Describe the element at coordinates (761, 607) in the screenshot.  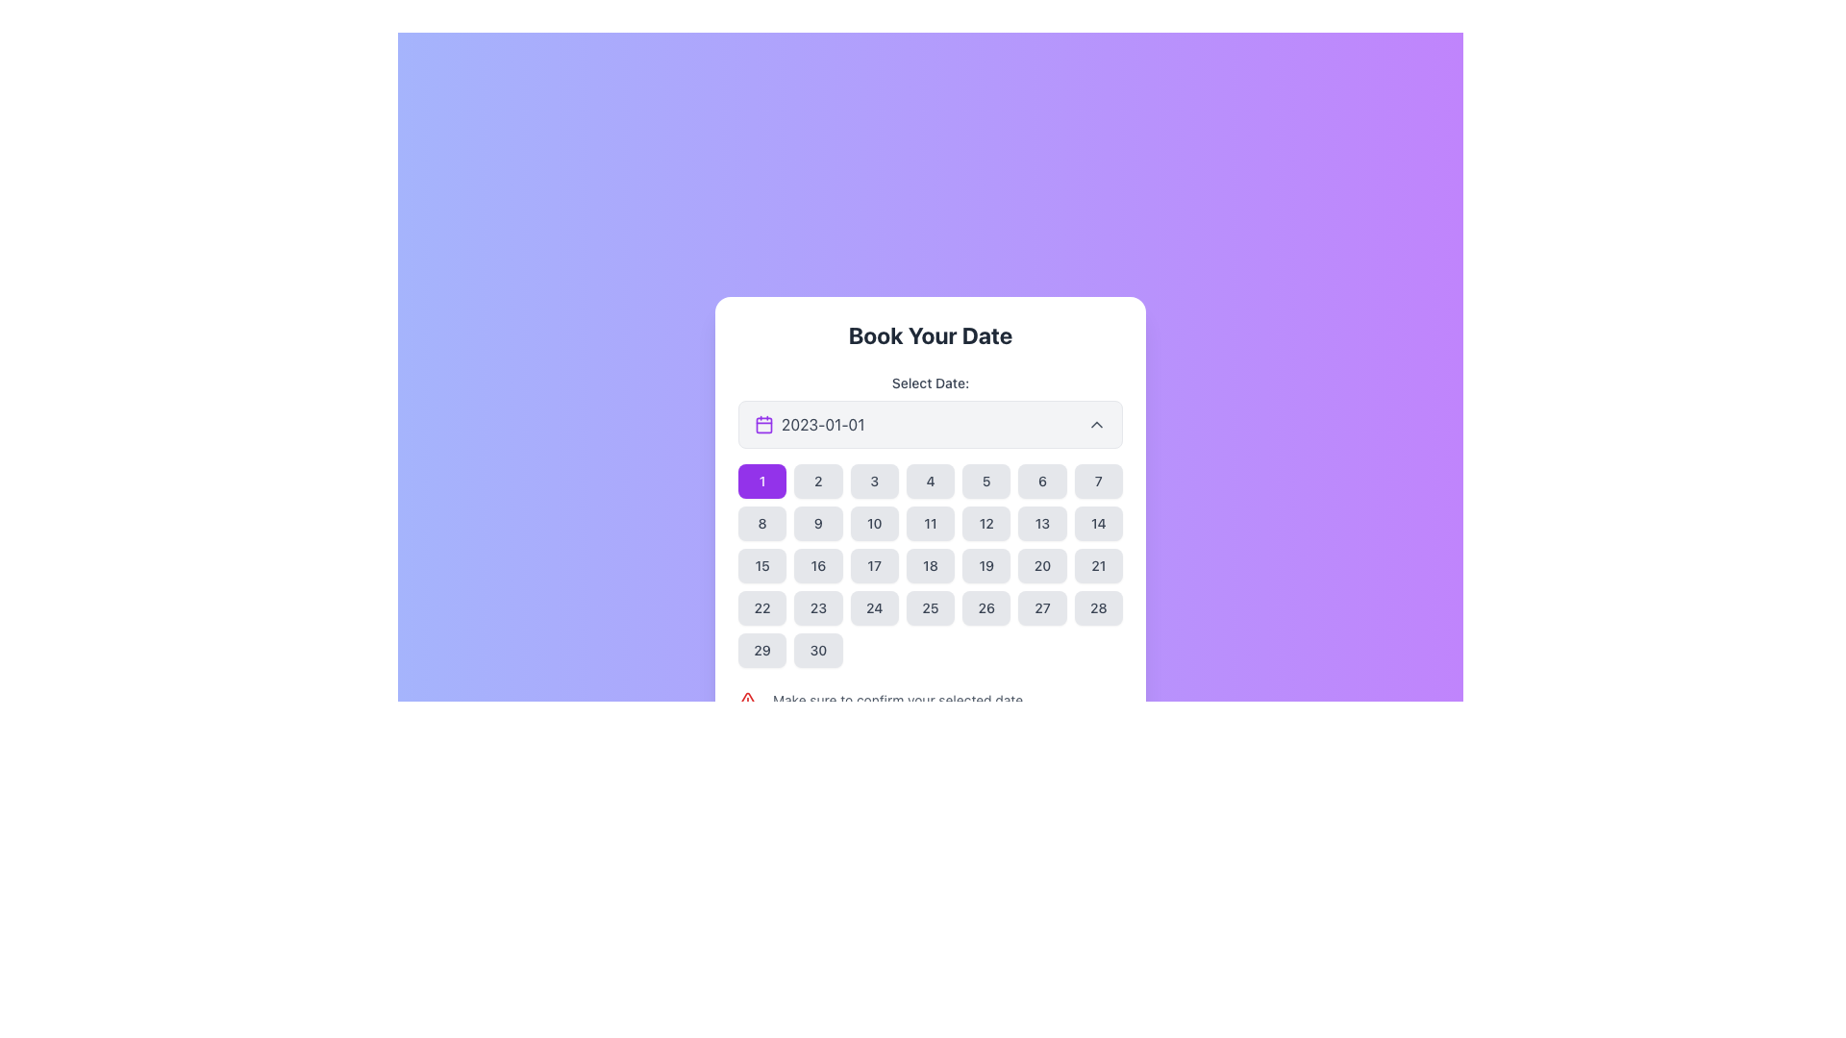
I see `the button labeled '22' located in the fourth row, first column of a 7-column grid layout` at that location.